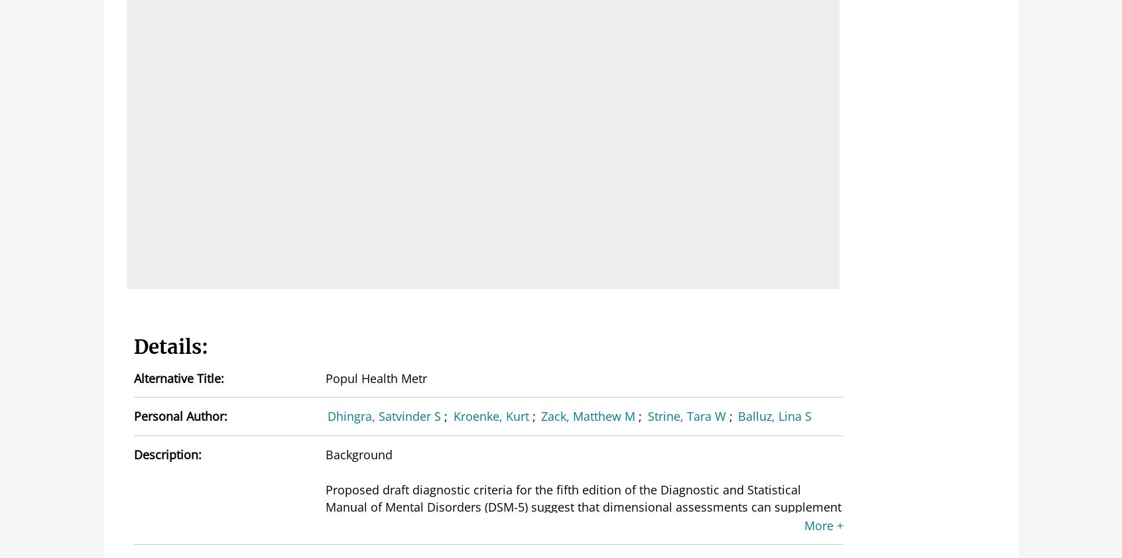  Describe the element at coordinates (171, 345) in the screenshot. I see `'Details:'` at that location.